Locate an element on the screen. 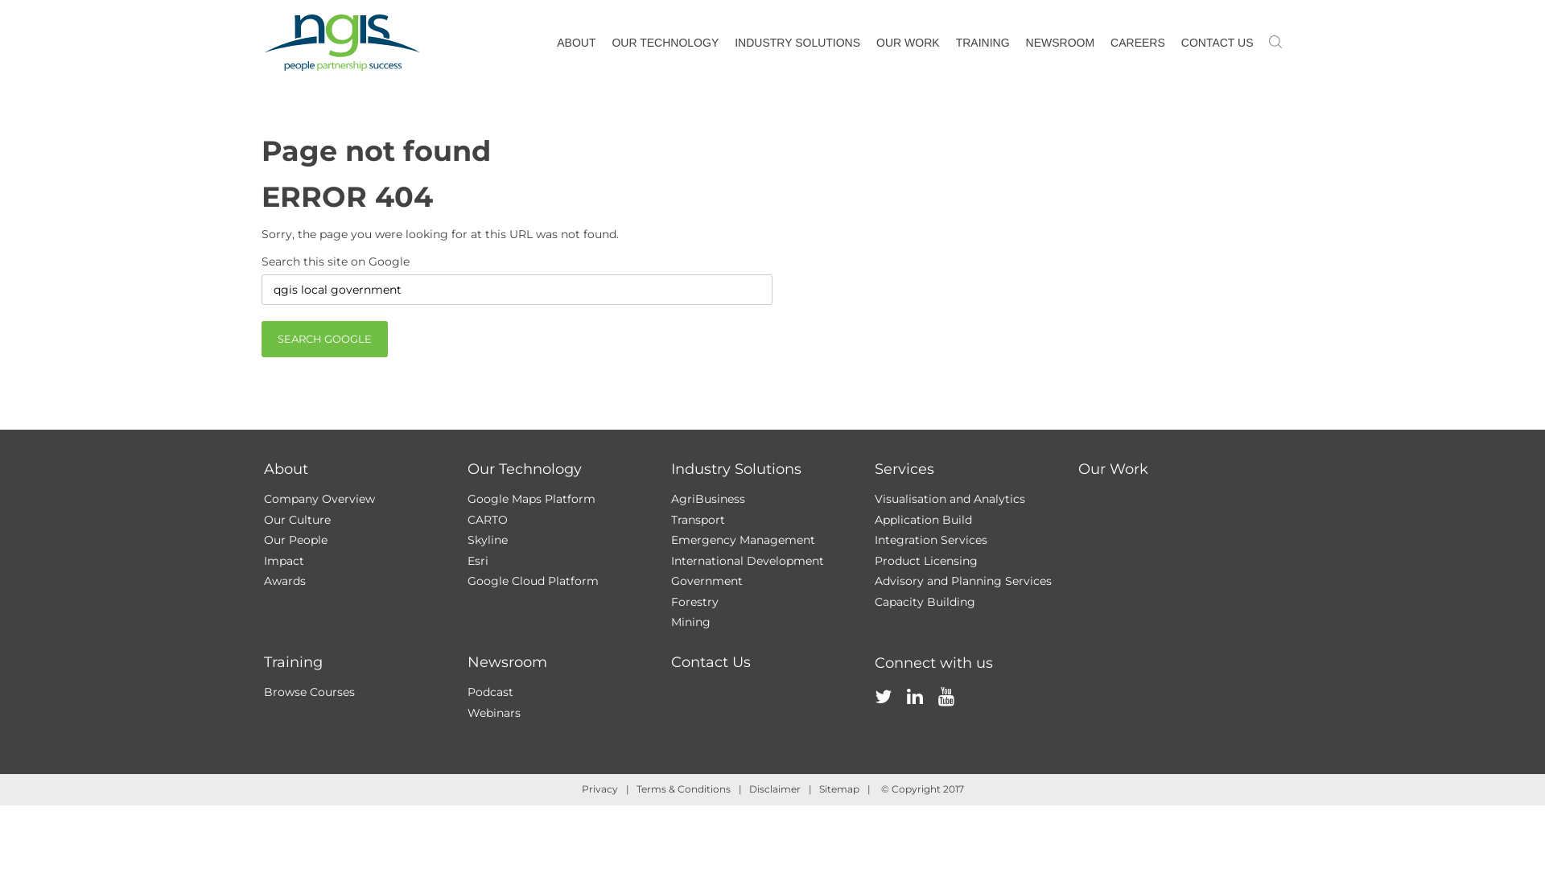 This screenshot has height=869, width=1545. 'CONTACT US' is located at coordinates (1217, 42).